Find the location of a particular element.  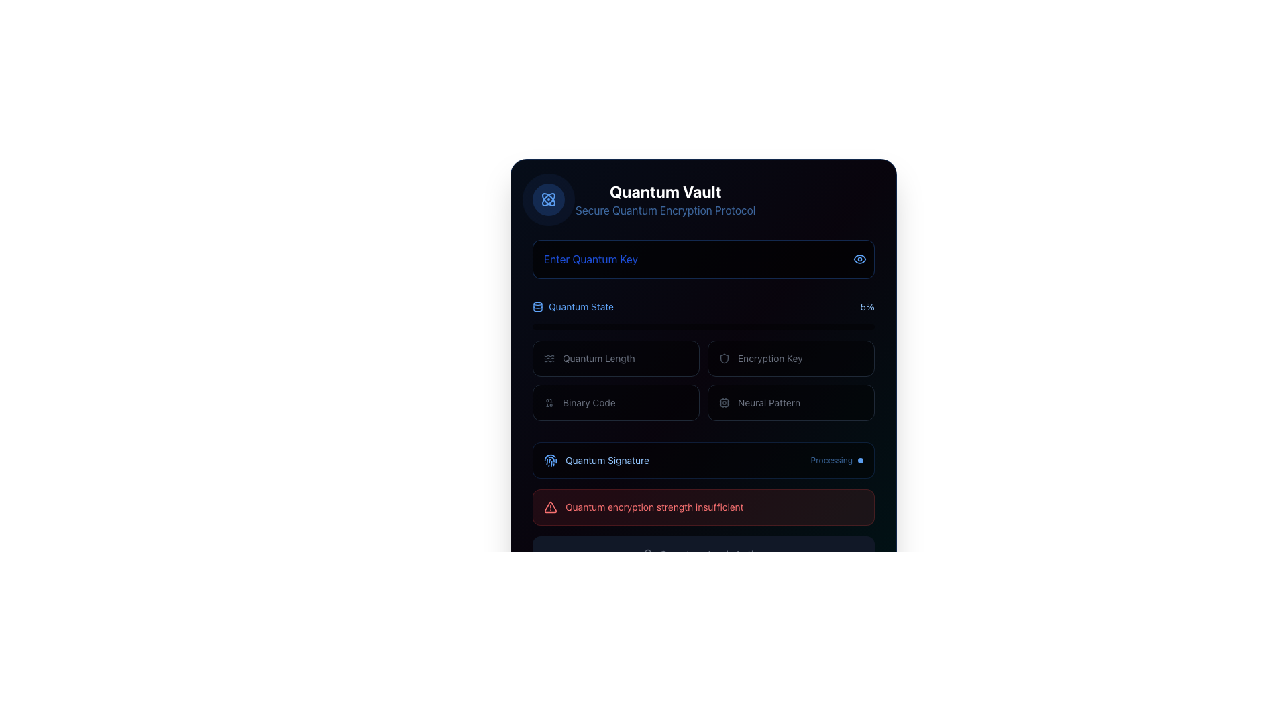

the password input field located below the 'Quantum Vault' title to focus the input field for user entry is located at coordinates (703, 259).